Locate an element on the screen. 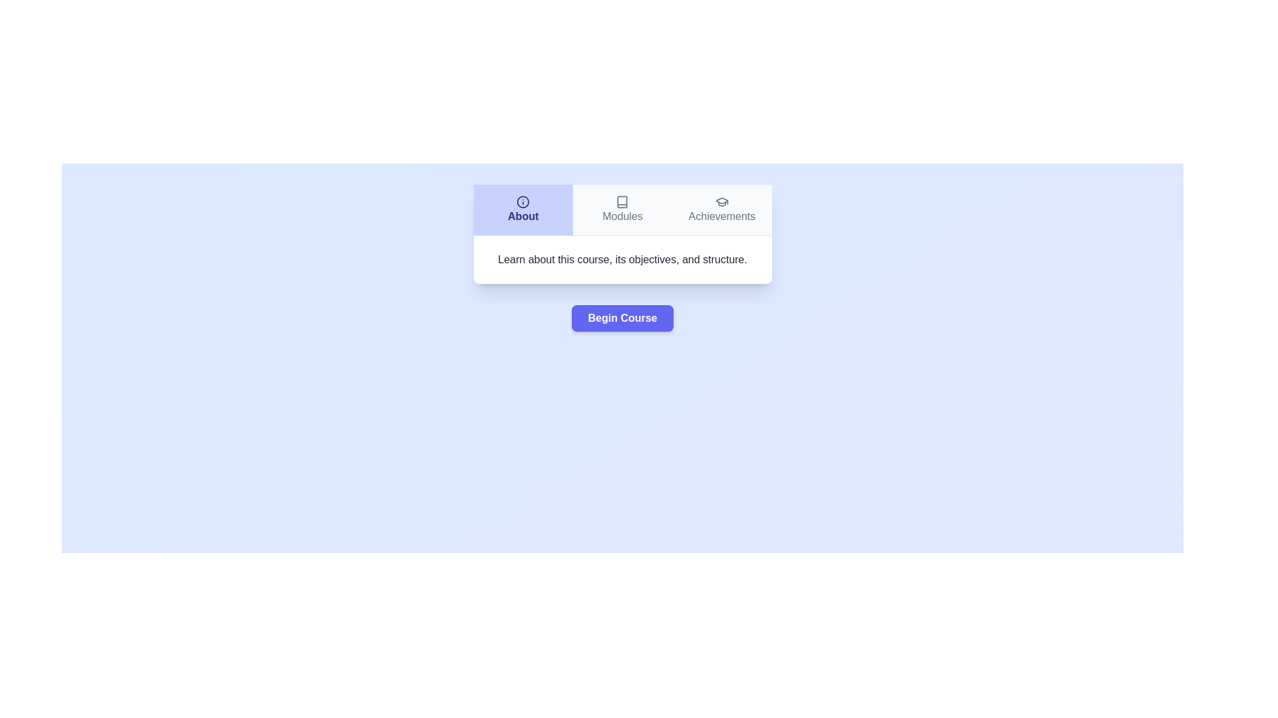 This screenshot has height=718, width=1278. the About tab is located at coordinates (523, 209).